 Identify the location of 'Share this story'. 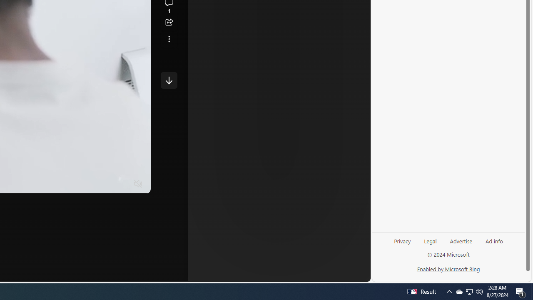
(169, 22).